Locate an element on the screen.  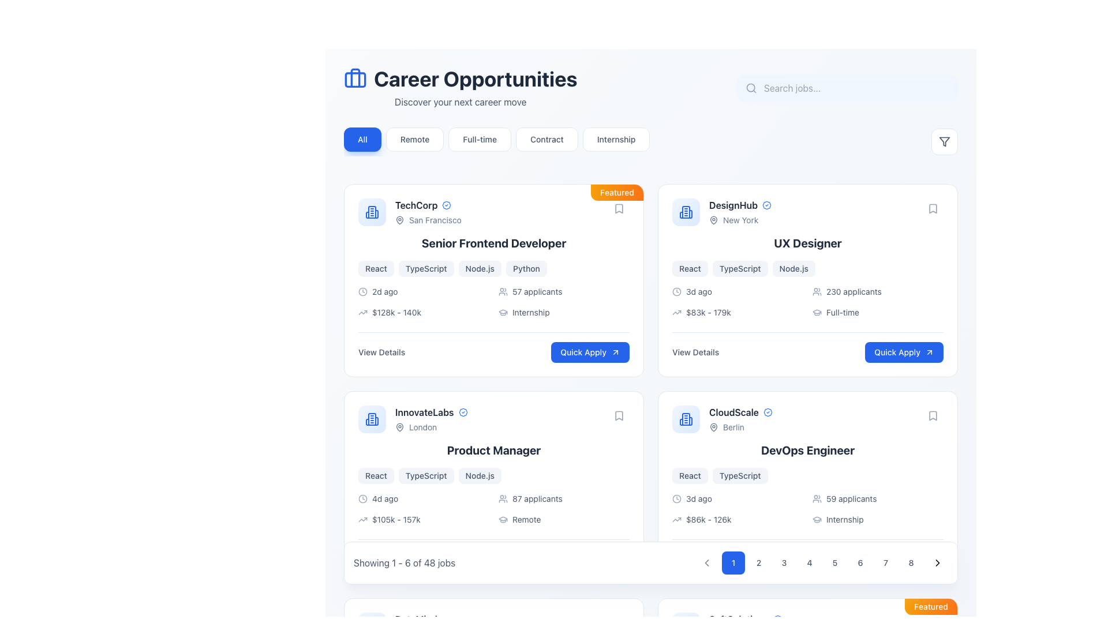
the chevron icon located near the bottom-right corner of the page is located at coordinates (938, 562).